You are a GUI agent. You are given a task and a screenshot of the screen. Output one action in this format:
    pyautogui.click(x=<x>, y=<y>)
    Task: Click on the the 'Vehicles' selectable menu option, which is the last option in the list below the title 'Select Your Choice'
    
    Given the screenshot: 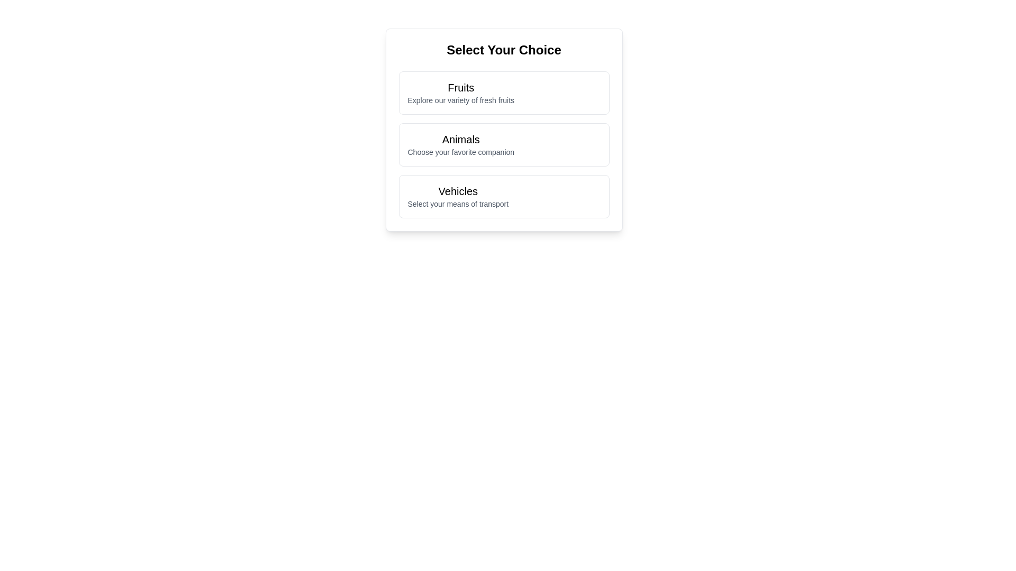 What is the action you would take?
    pyautogui.click(x=458, y=196)
    